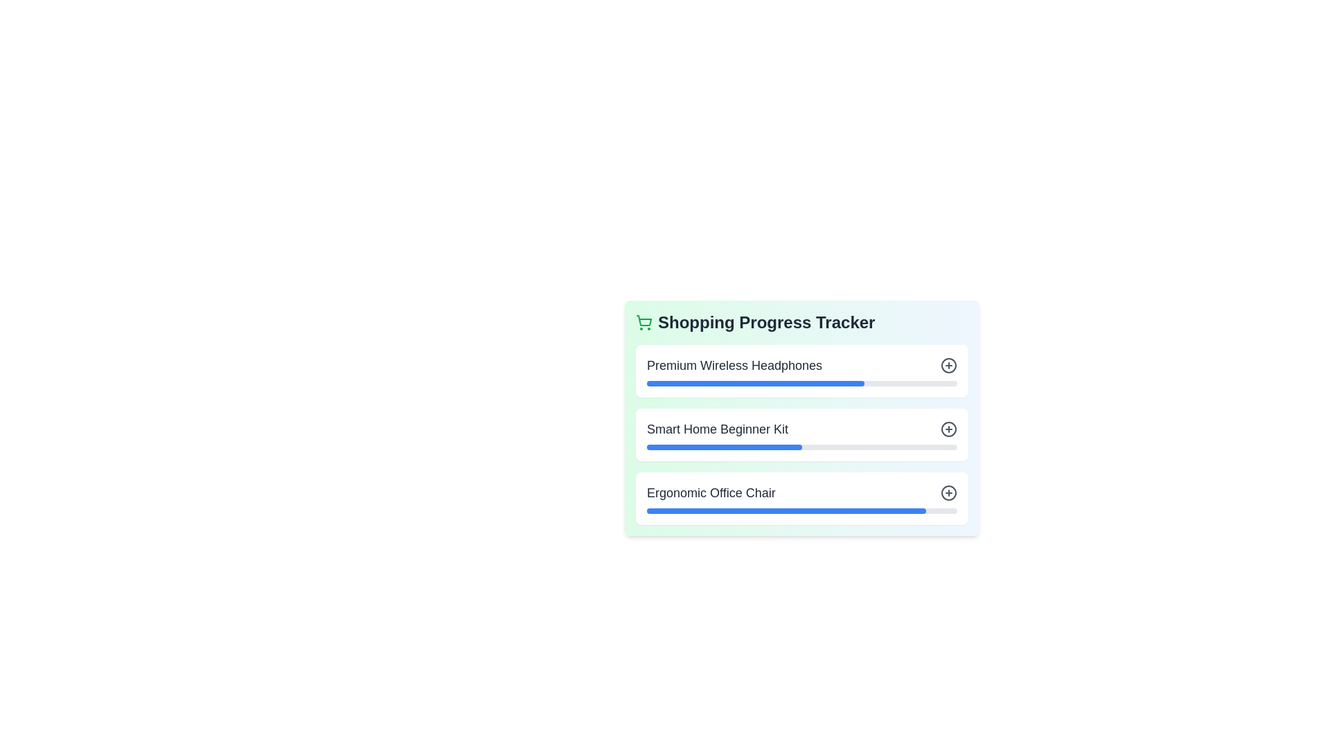 Image resolution: width=1330 pixels, height=748 pixels. What do you see at coordinates (948, 492) in the screenshot?
I see `the circular '+' button located to the far right of the text 'Ergonomic Office Chair'` at bounding box center [948, 492].